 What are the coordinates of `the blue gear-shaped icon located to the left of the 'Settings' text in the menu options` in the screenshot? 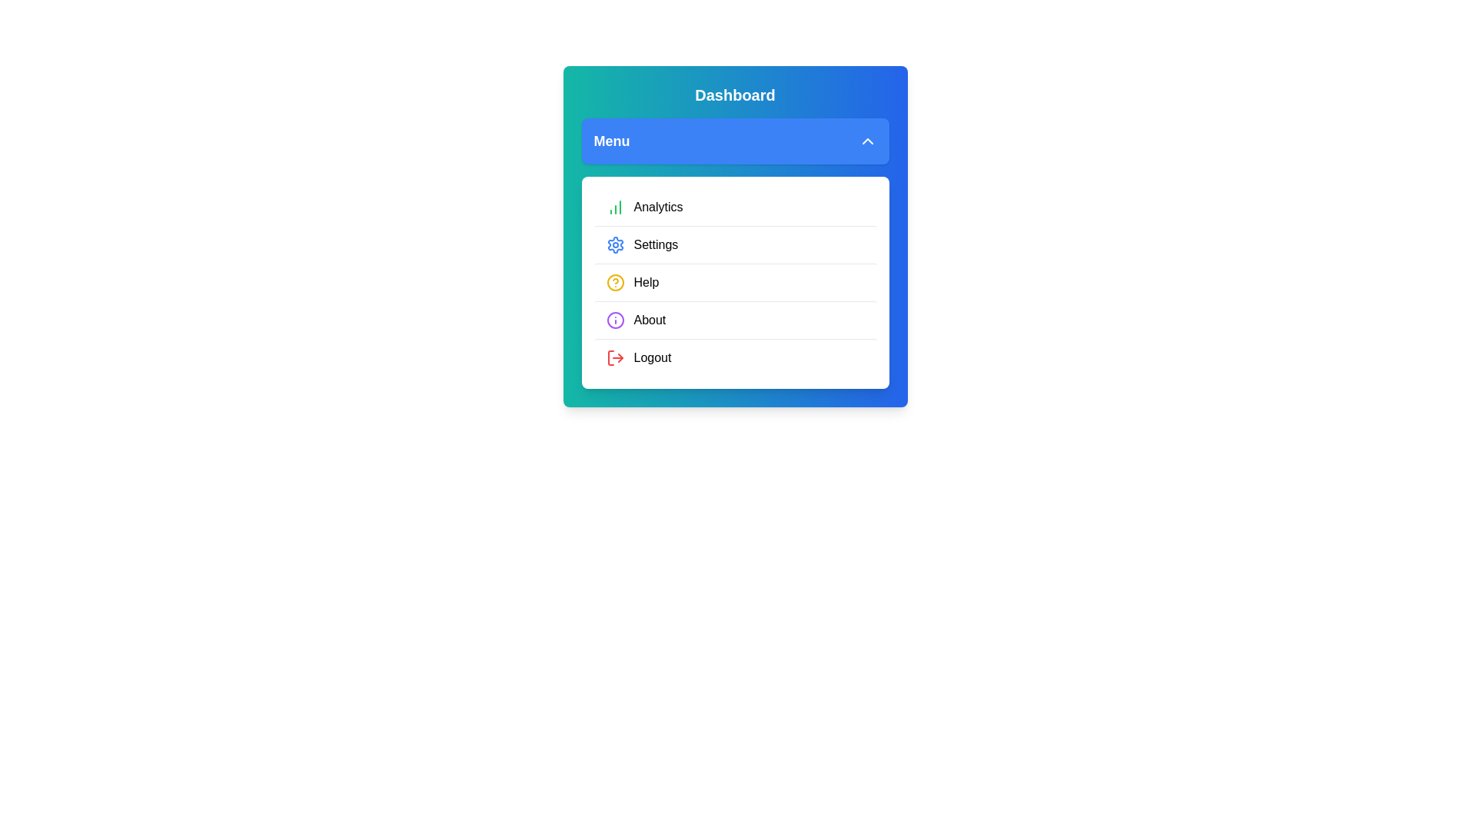 It's located at (615, 244).